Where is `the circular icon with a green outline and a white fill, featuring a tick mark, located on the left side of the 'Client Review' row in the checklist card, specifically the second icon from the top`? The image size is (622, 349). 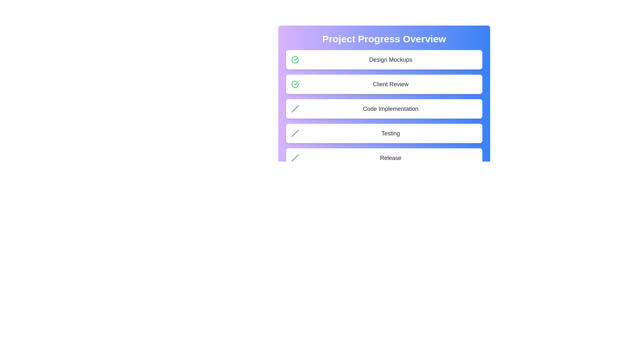
the circular icon with a green outline and a white fill, featuring a tick mark, located on the left side of the 'Client Review' row in the checklist card, specifically the second icon from the top is located at coordinates (295, 84).